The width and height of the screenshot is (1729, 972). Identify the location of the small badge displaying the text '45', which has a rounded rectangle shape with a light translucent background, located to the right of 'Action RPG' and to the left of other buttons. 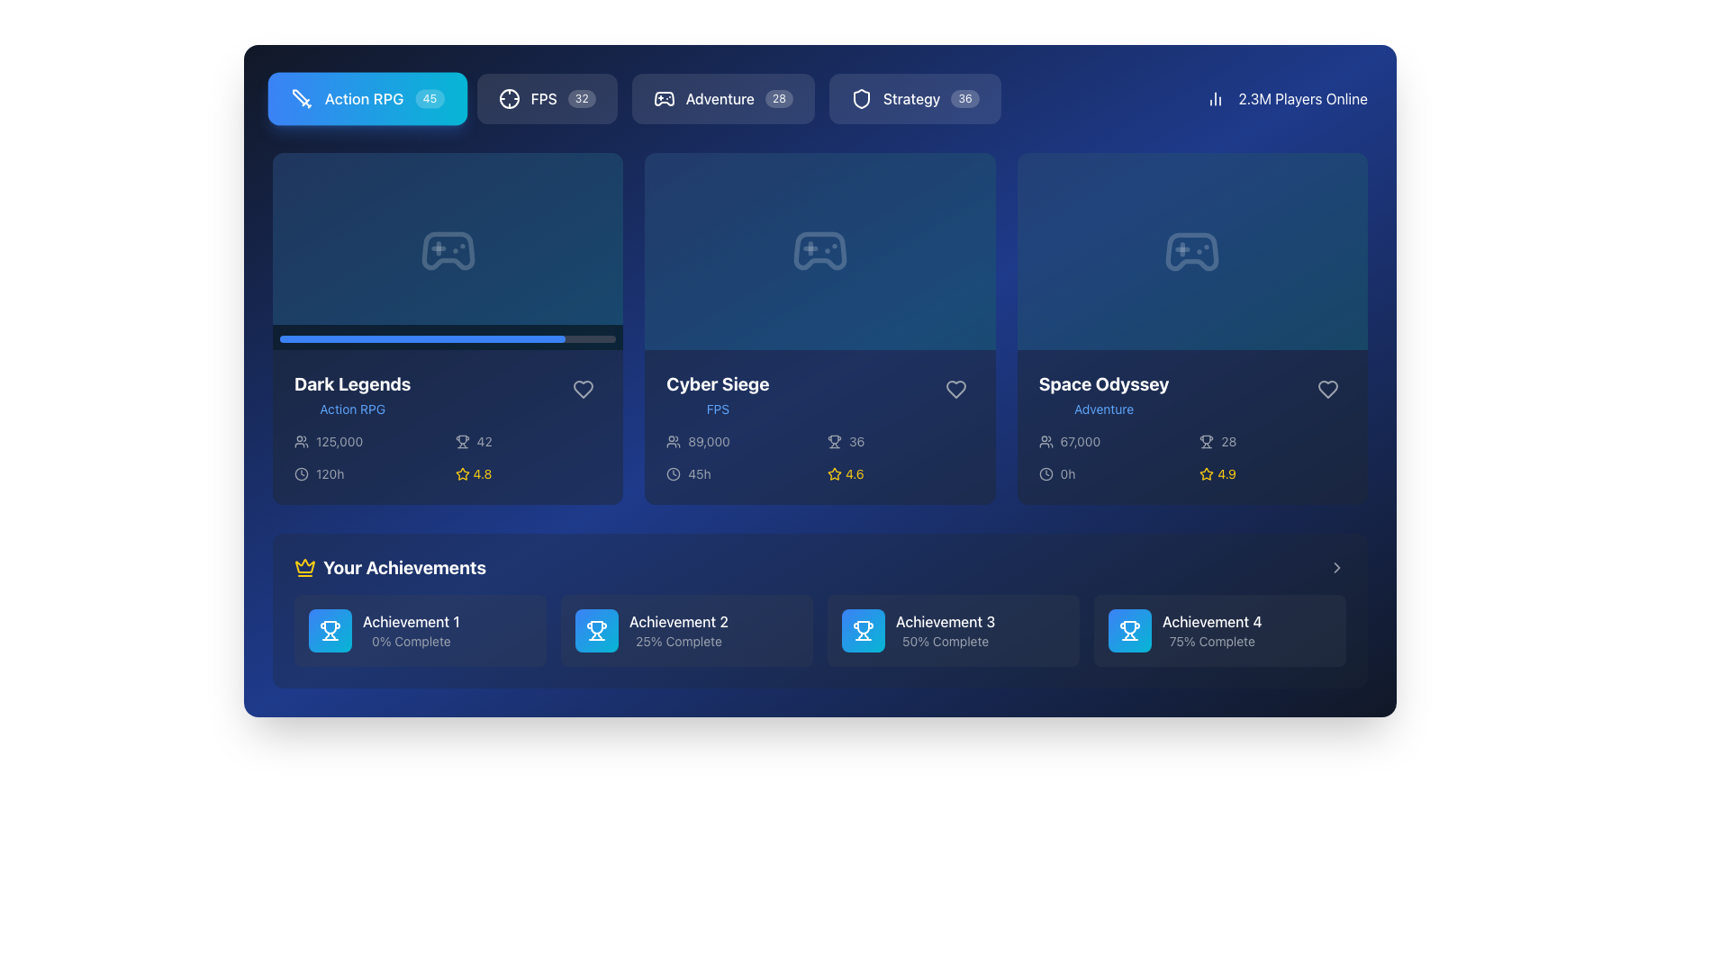
(429, 99).